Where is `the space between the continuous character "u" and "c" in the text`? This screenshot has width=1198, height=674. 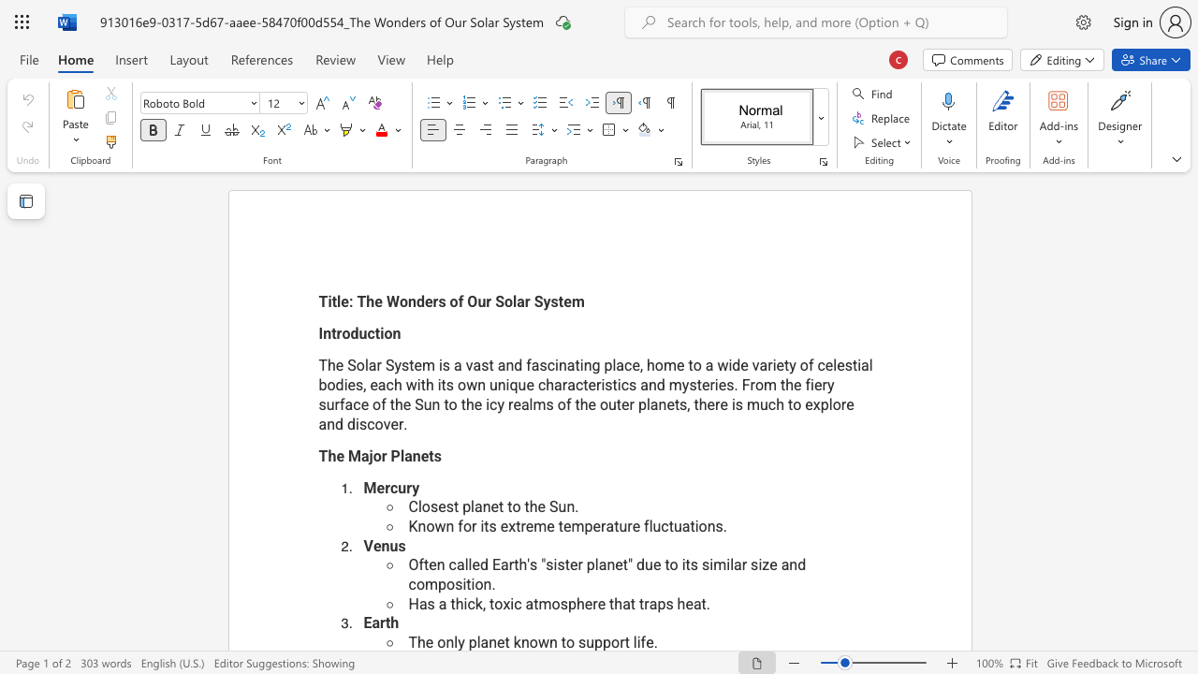
the space between the continuous character "u" and "c" in the text is located at coordinates (767, 403).